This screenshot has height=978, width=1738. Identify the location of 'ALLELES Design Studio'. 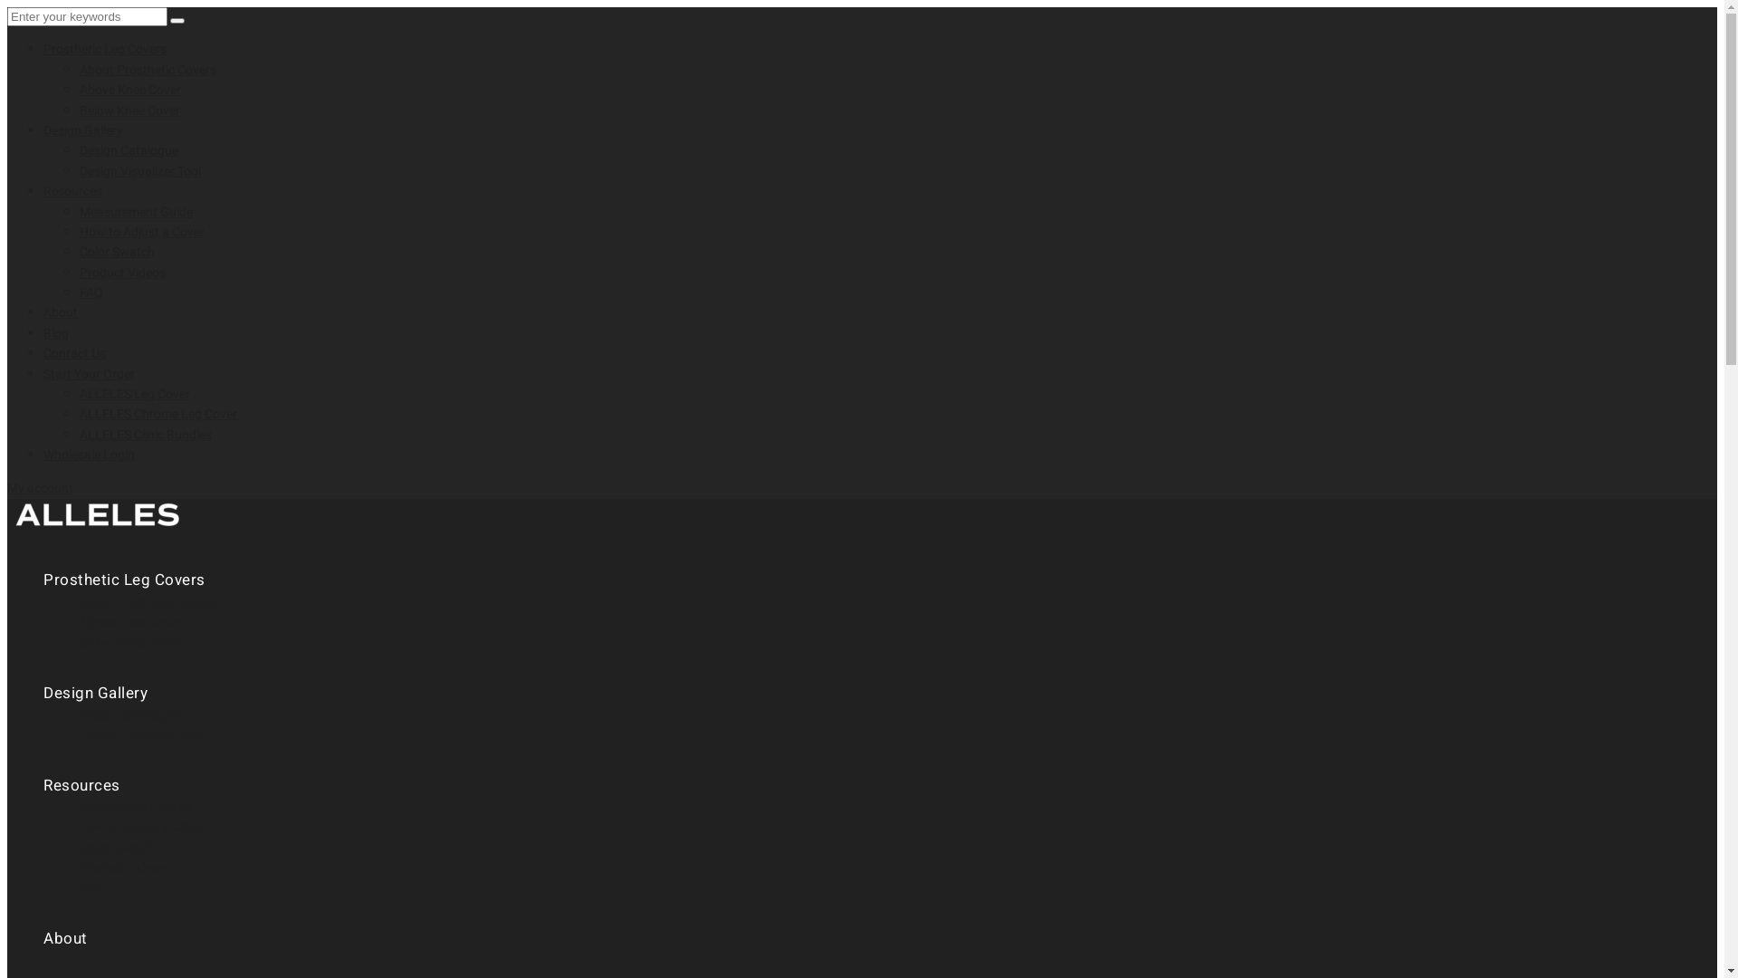
(97, 530).